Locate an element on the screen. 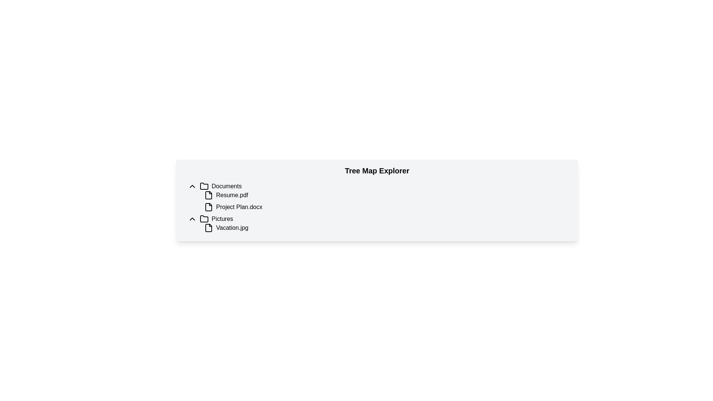 The width and height of the screenshot is (713, 401). the 'Pictures' folder text label is located at coordinates (222, 219).